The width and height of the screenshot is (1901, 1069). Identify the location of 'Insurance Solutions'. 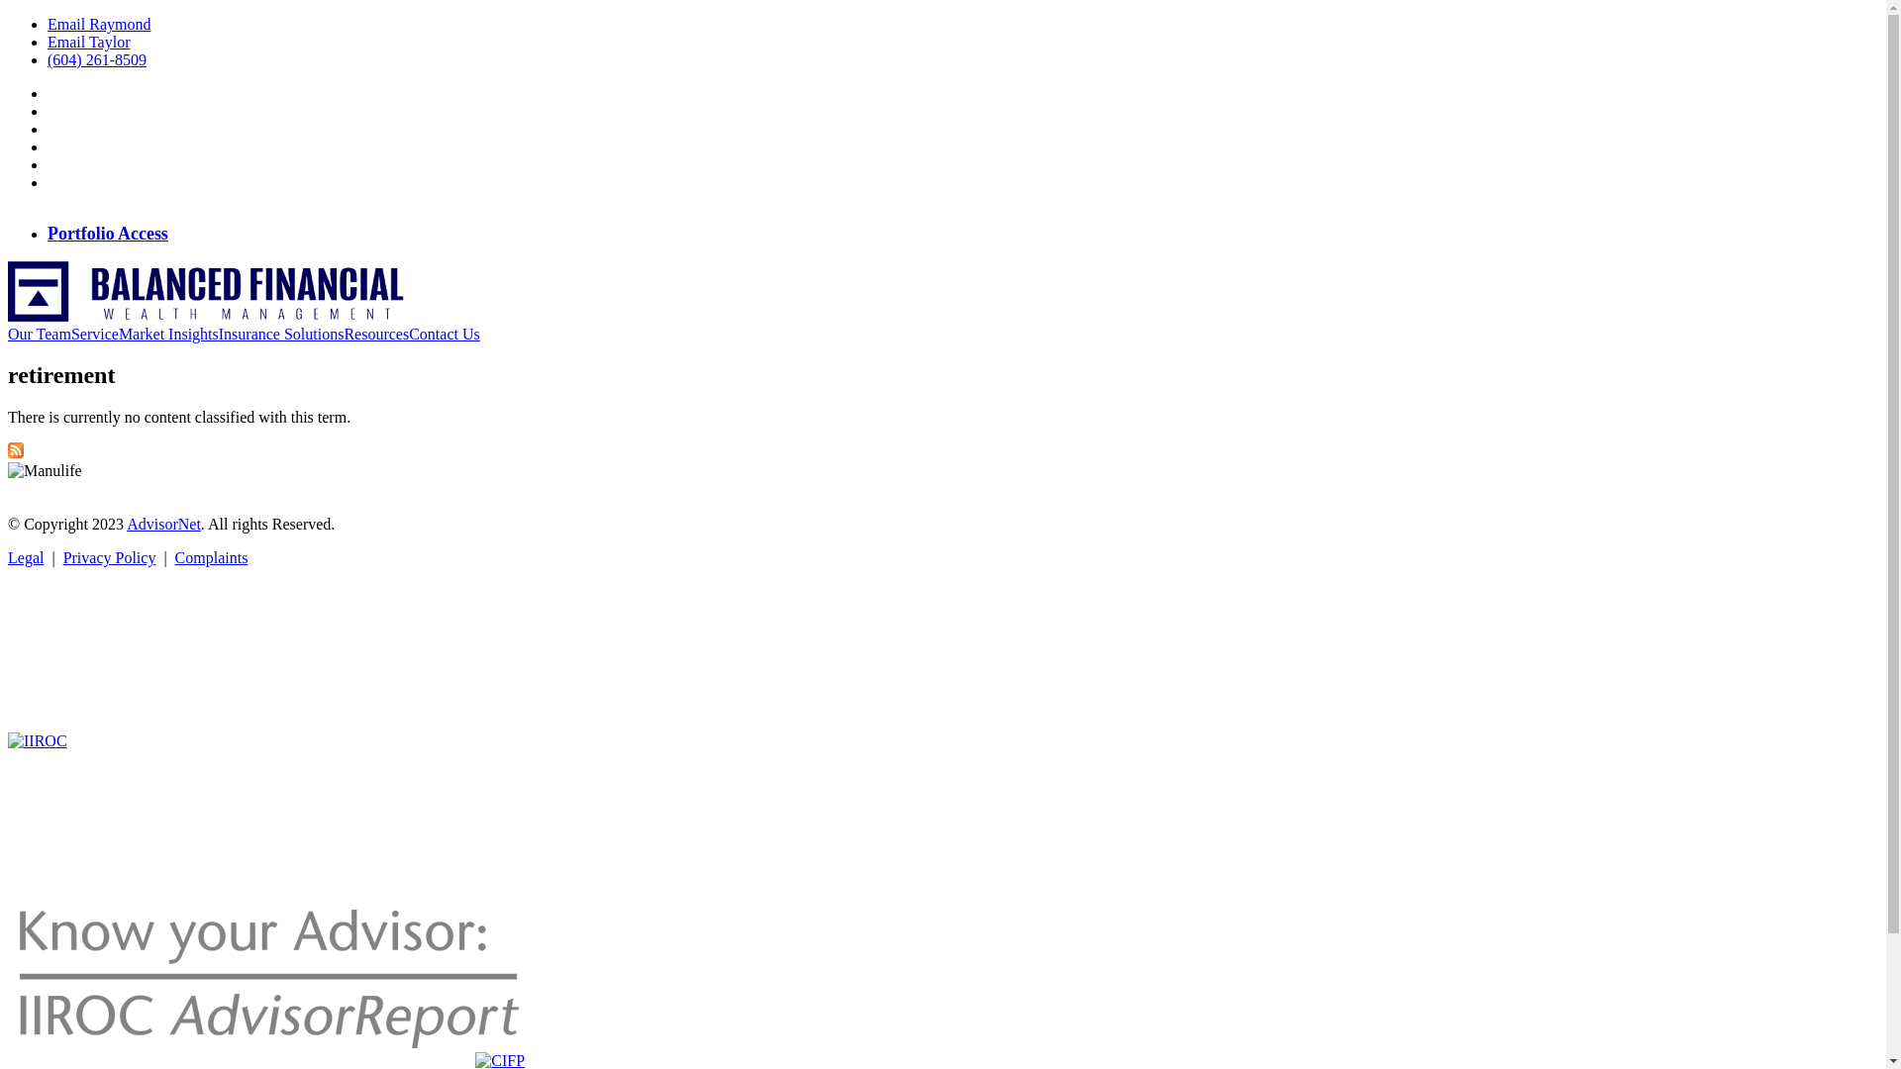
(218, 334).